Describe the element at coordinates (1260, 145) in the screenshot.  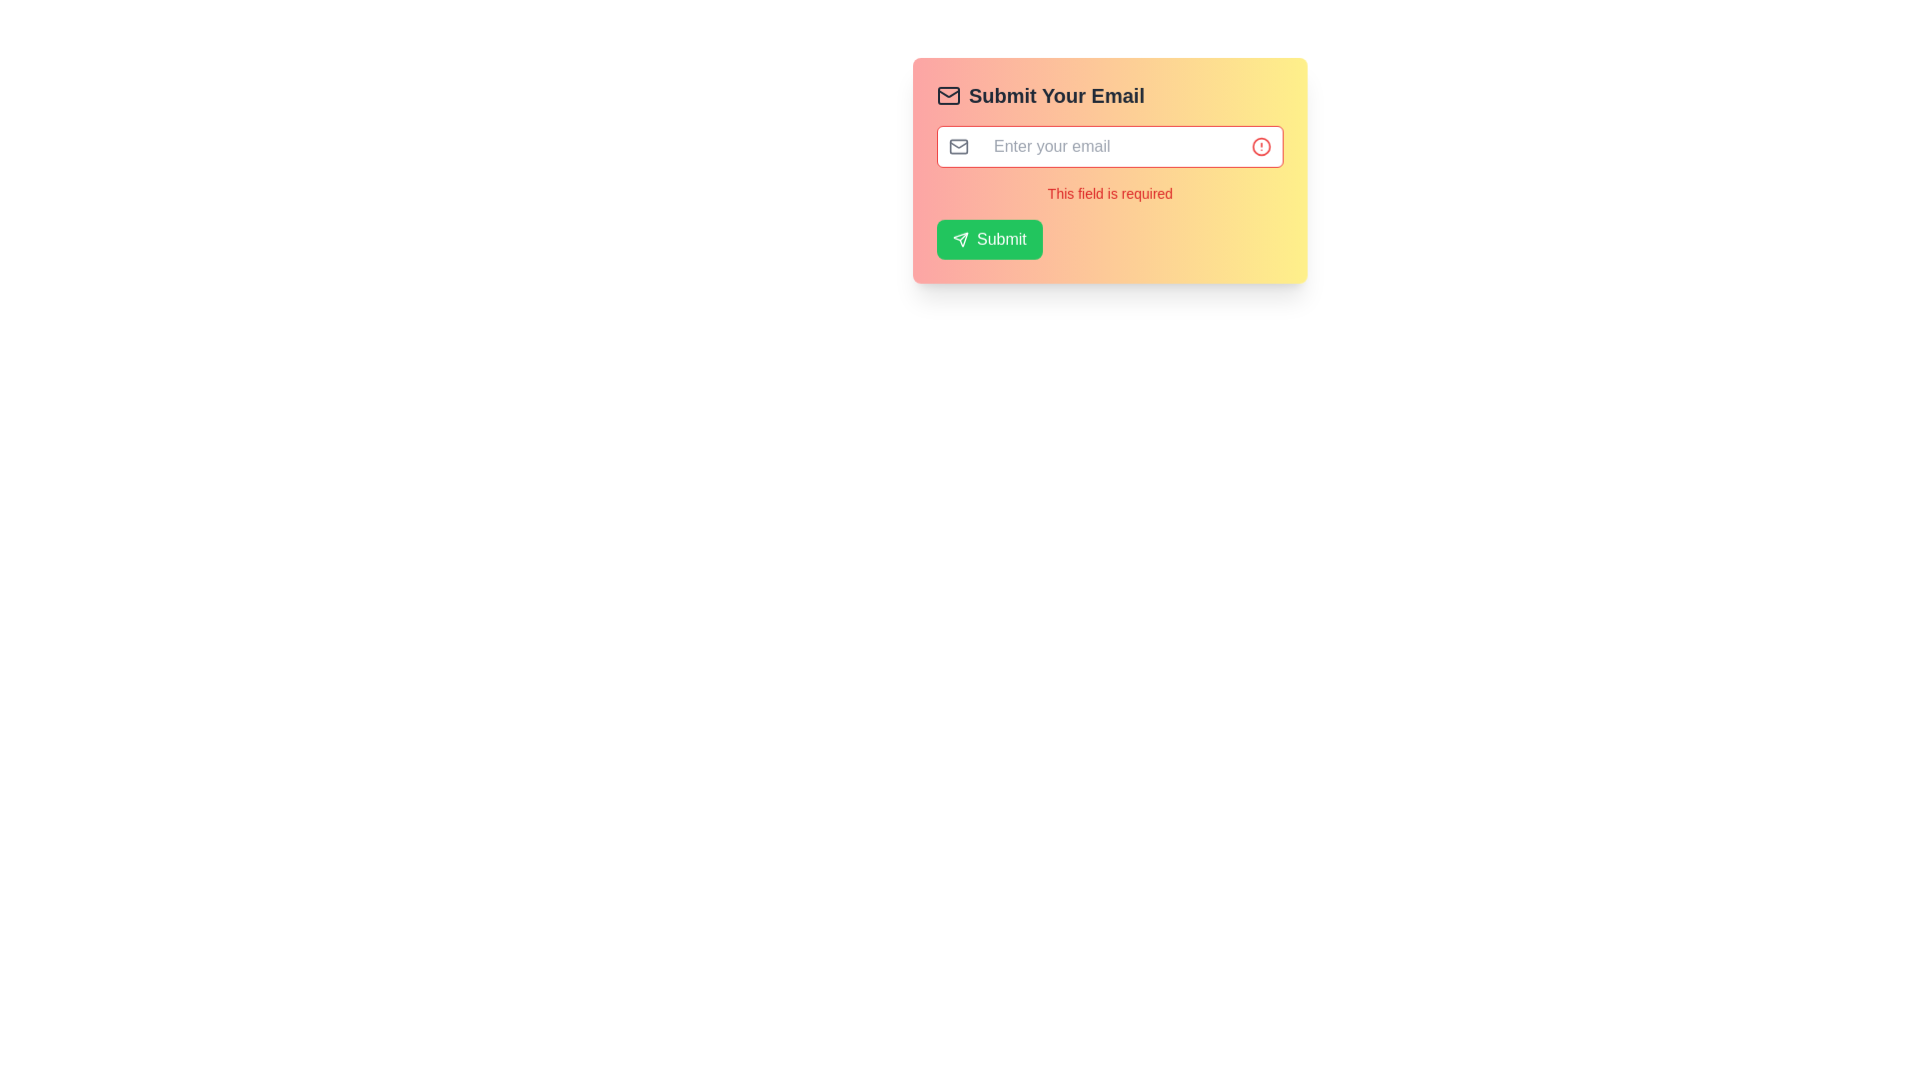
I see `the SVG circle element that signifies attention or error related to the email input field` at that location.